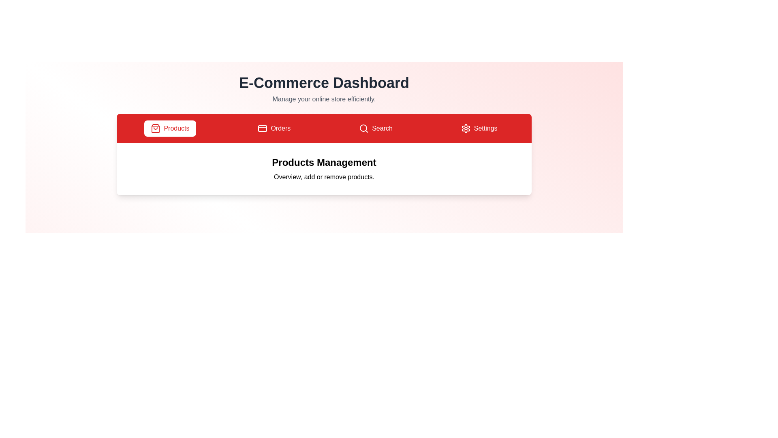 The height and width of the screenshot is (438, 778). Describe the element at coordinates (324, 89) in the screenshot. I see `the Header section at the top-center of the dashboard` at that location.